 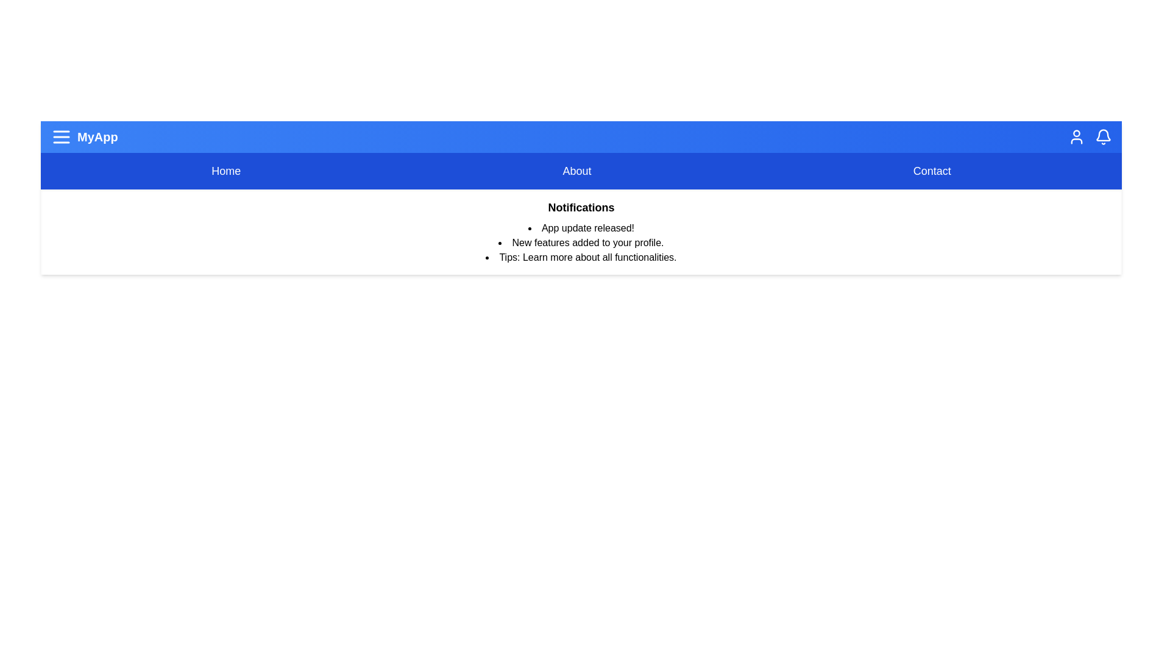 I want to click on the user icon to open user-related actions, so click(x=1076, y=136).